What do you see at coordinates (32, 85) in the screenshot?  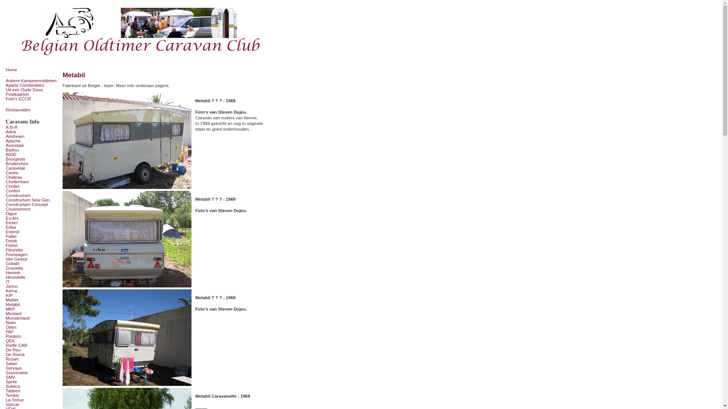 I see `'Aparte Combinaties'` at bounding box center [32, 85].